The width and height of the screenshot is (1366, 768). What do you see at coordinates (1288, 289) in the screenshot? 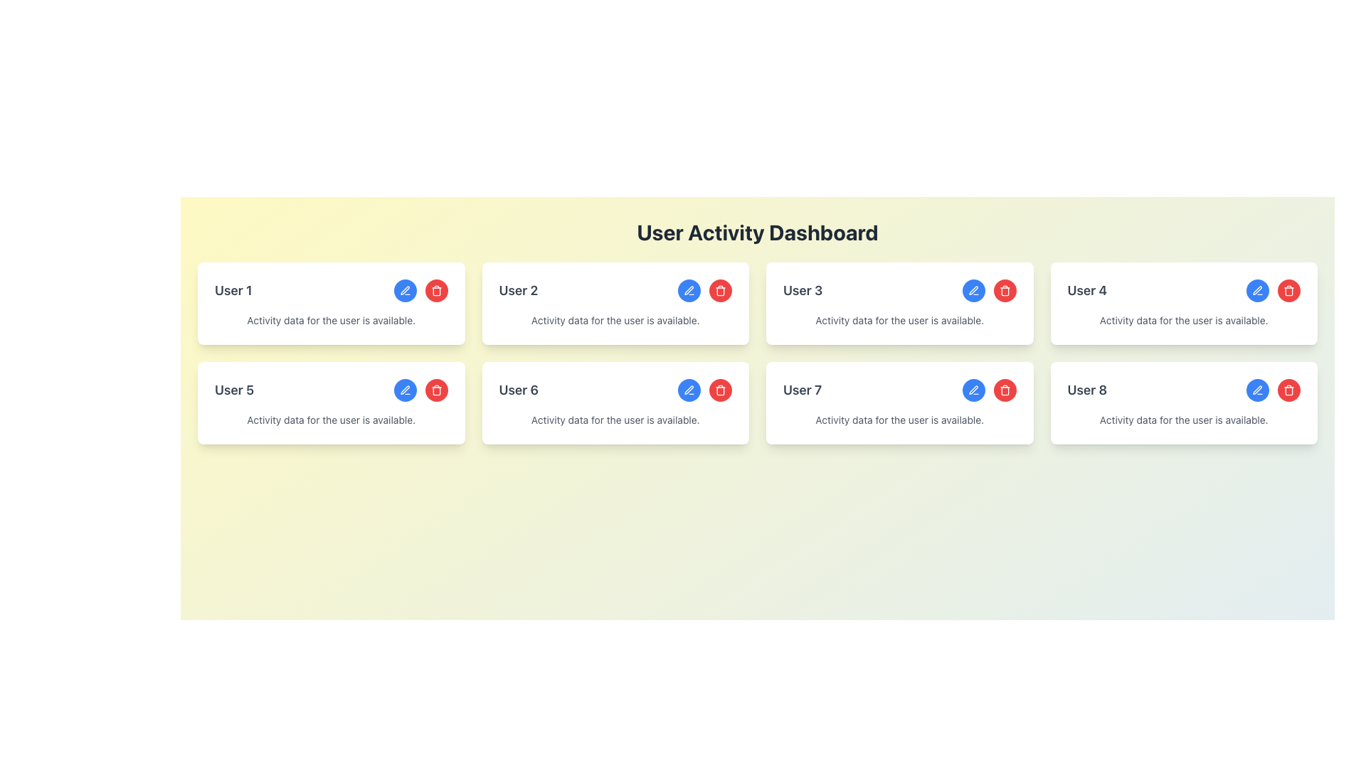
I see `the delete button located in the top-right corner of the 'User 4' card` at bounding box center [1288, 289].